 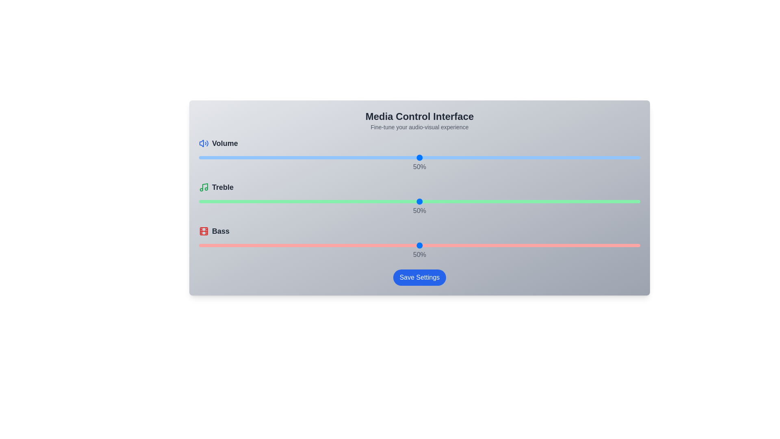 I want to click on the 'Bass' label, which is a bold, larger font textual label in dark gray color, positioned to the right of the red film icon in the 'Bass' row of controls, so click(x=221, y=231).